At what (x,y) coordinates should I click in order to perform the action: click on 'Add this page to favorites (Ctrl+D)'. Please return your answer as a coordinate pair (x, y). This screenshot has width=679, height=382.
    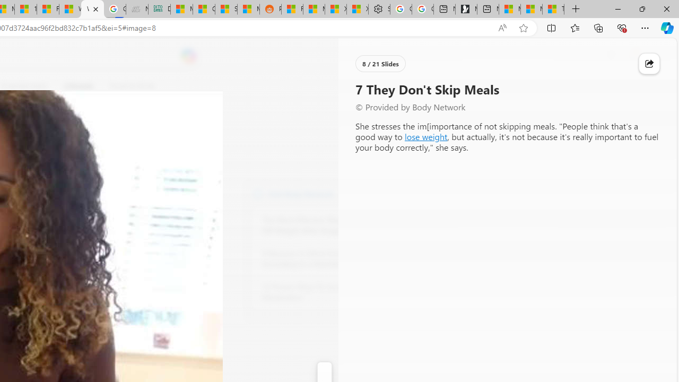
    Looking at the image, I should click on (523, 28).